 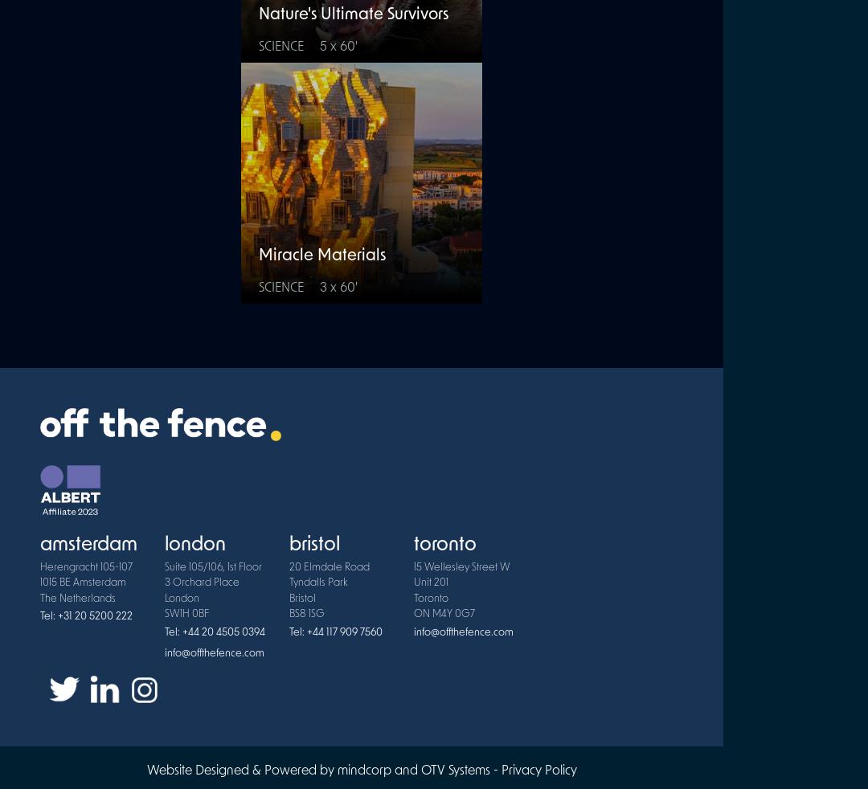 I want to click on 'Tel: +31 20 5200 222', so click(x=86, y=616).